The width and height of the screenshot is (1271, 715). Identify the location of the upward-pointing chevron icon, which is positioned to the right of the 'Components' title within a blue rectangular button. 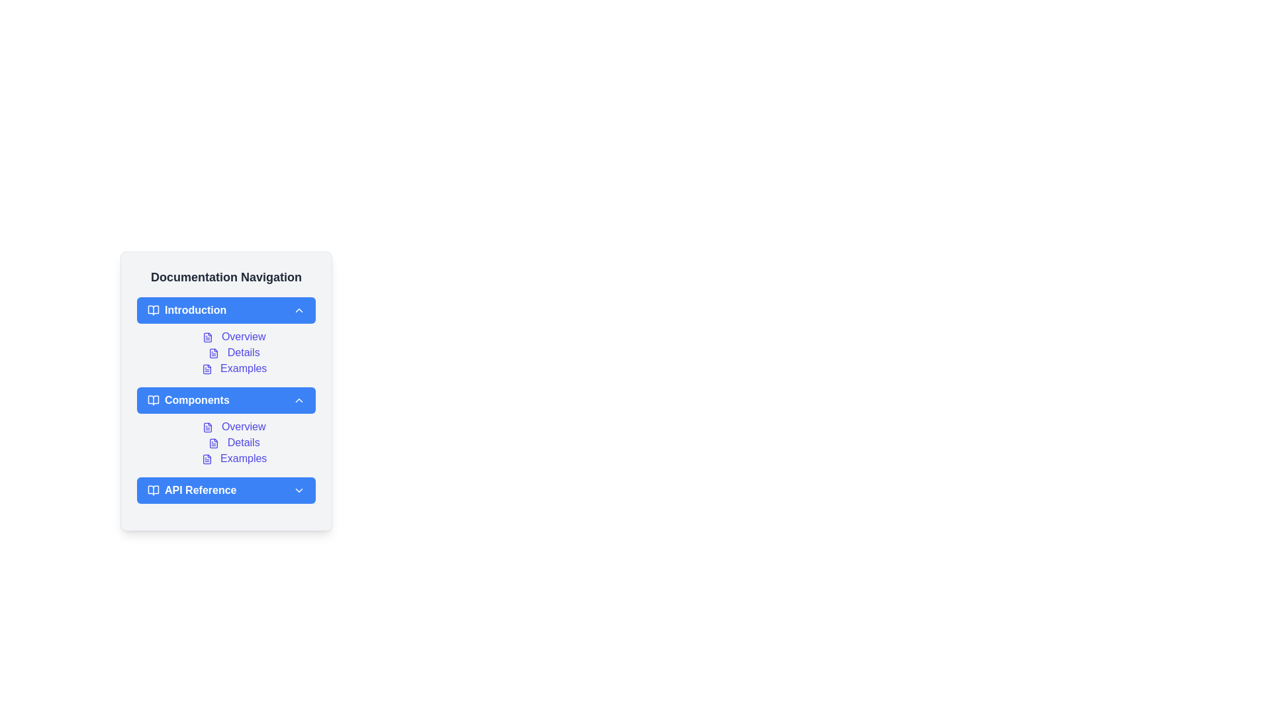
(298, 400).